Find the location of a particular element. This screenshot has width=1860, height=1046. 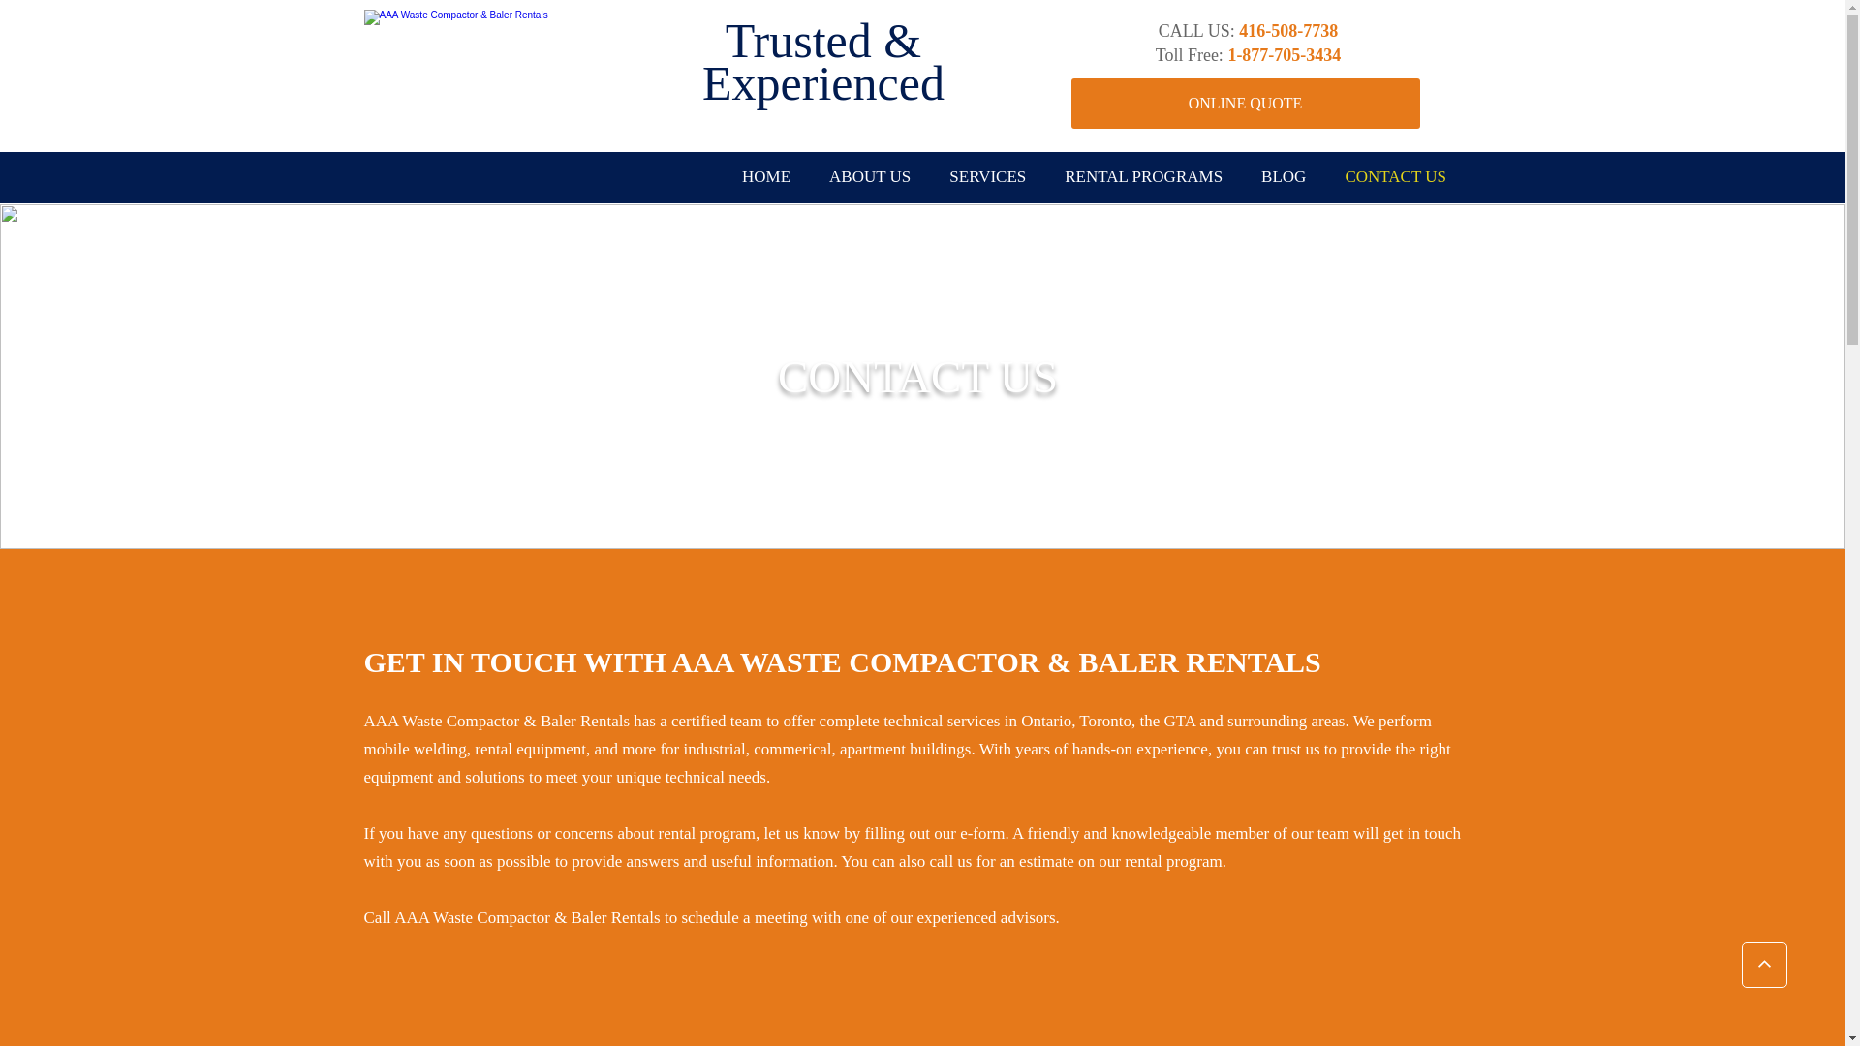

'1-877-705-3434' is located at coordinates (1284, 56).